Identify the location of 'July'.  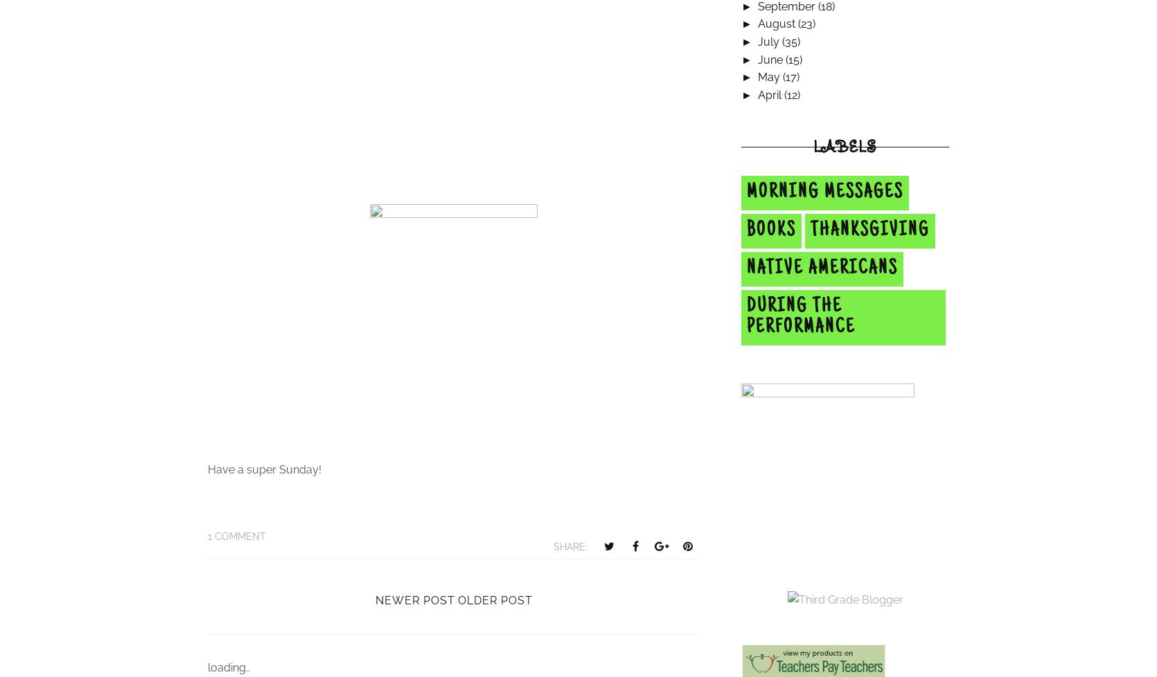
(768, 42).